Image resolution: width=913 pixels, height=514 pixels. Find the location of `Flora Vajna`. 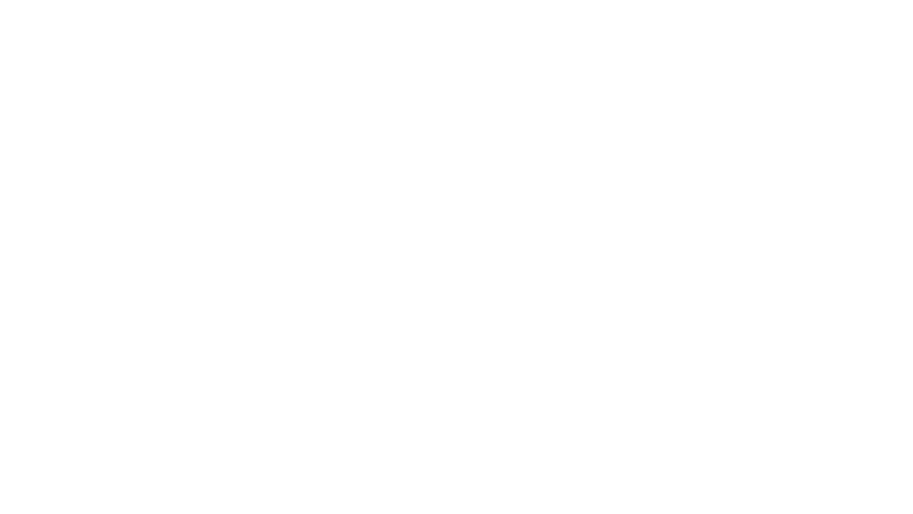

Flora Vajna is located at coordinates (579, 124).